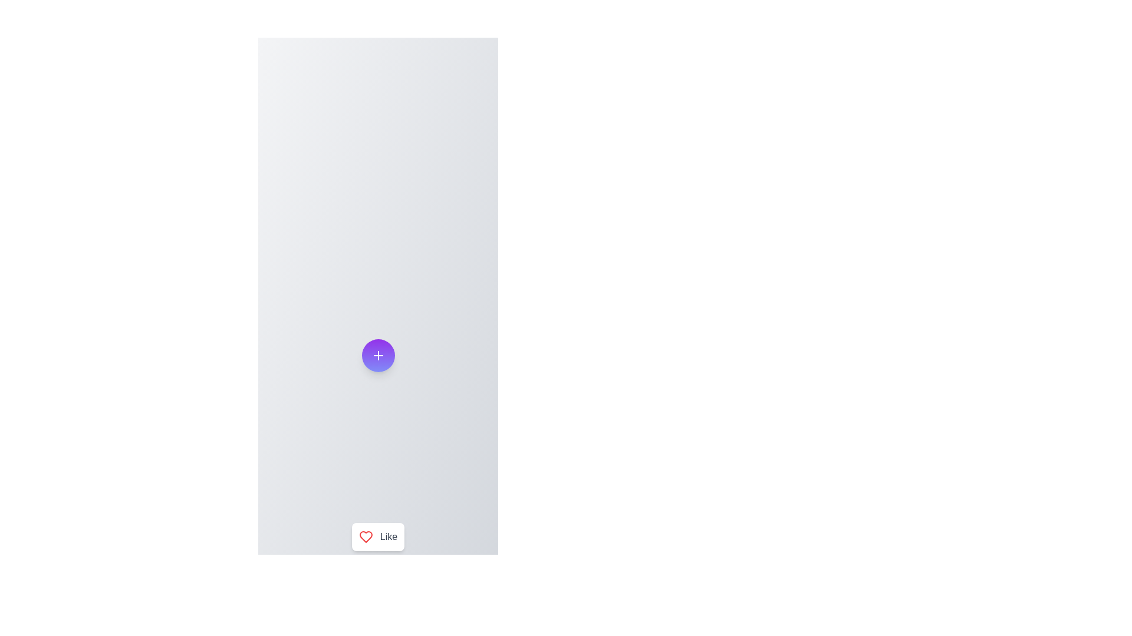 The image size is (1132, 636). I want to click on the toggle button to change the visibility of the menu, so click(378, 355).